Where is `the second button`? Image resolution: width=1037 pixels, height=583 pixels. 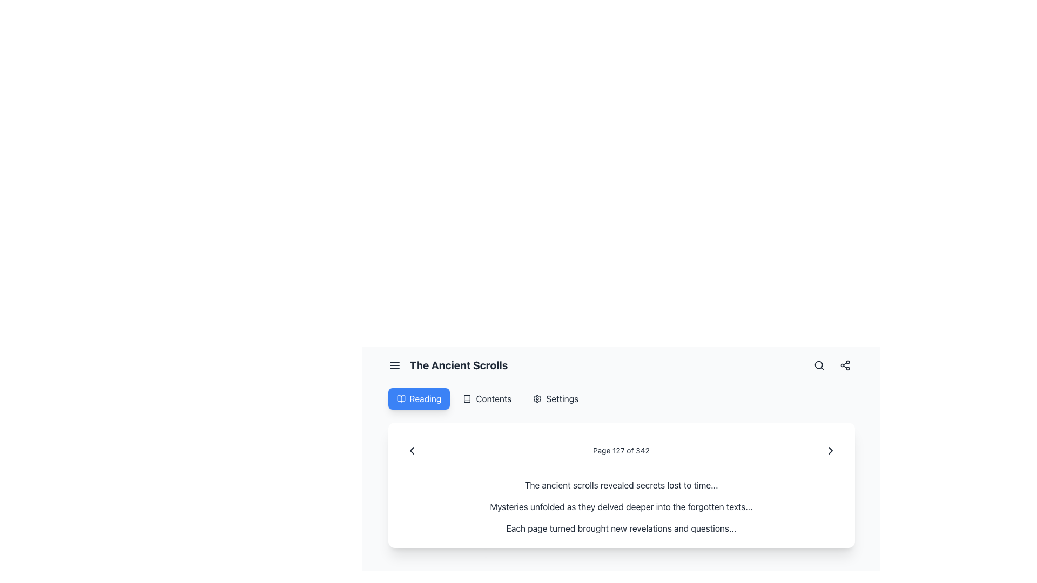
the second button is located at coordinates (487, 399).